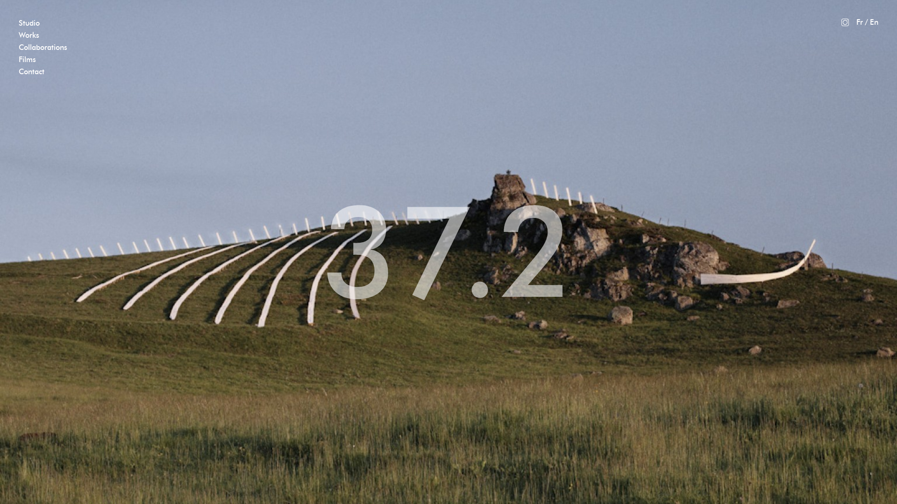  I want to click on 'Contact', so click(18, 71).